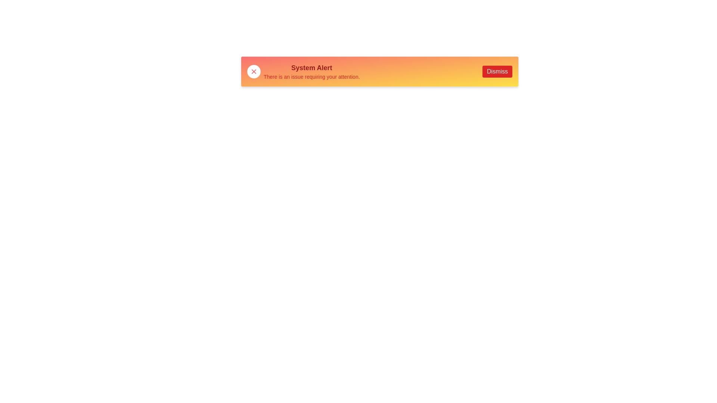  Describe the element at coordinates (311, 68) in the screenshot. I see `the alert box title label, which is centrally located above the smaller text message` at that location.